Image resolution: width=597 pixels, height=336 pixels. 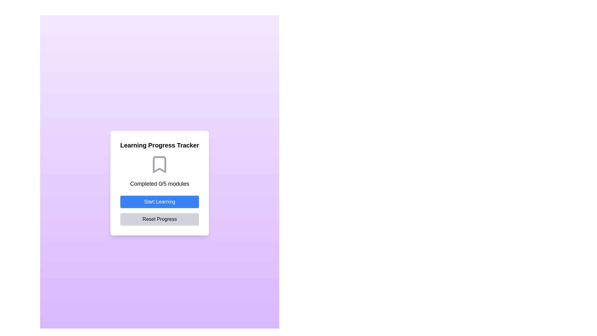 What do you see at coordinates (160, 202) in the screenshot?
I see `the 'Initiate Learning' button located in the 'Learning Progress Tracker' card, positioned above the 'Reset Progress' button and below the text 'Completed 0/5 modules'` at bounding box center [160, 202].